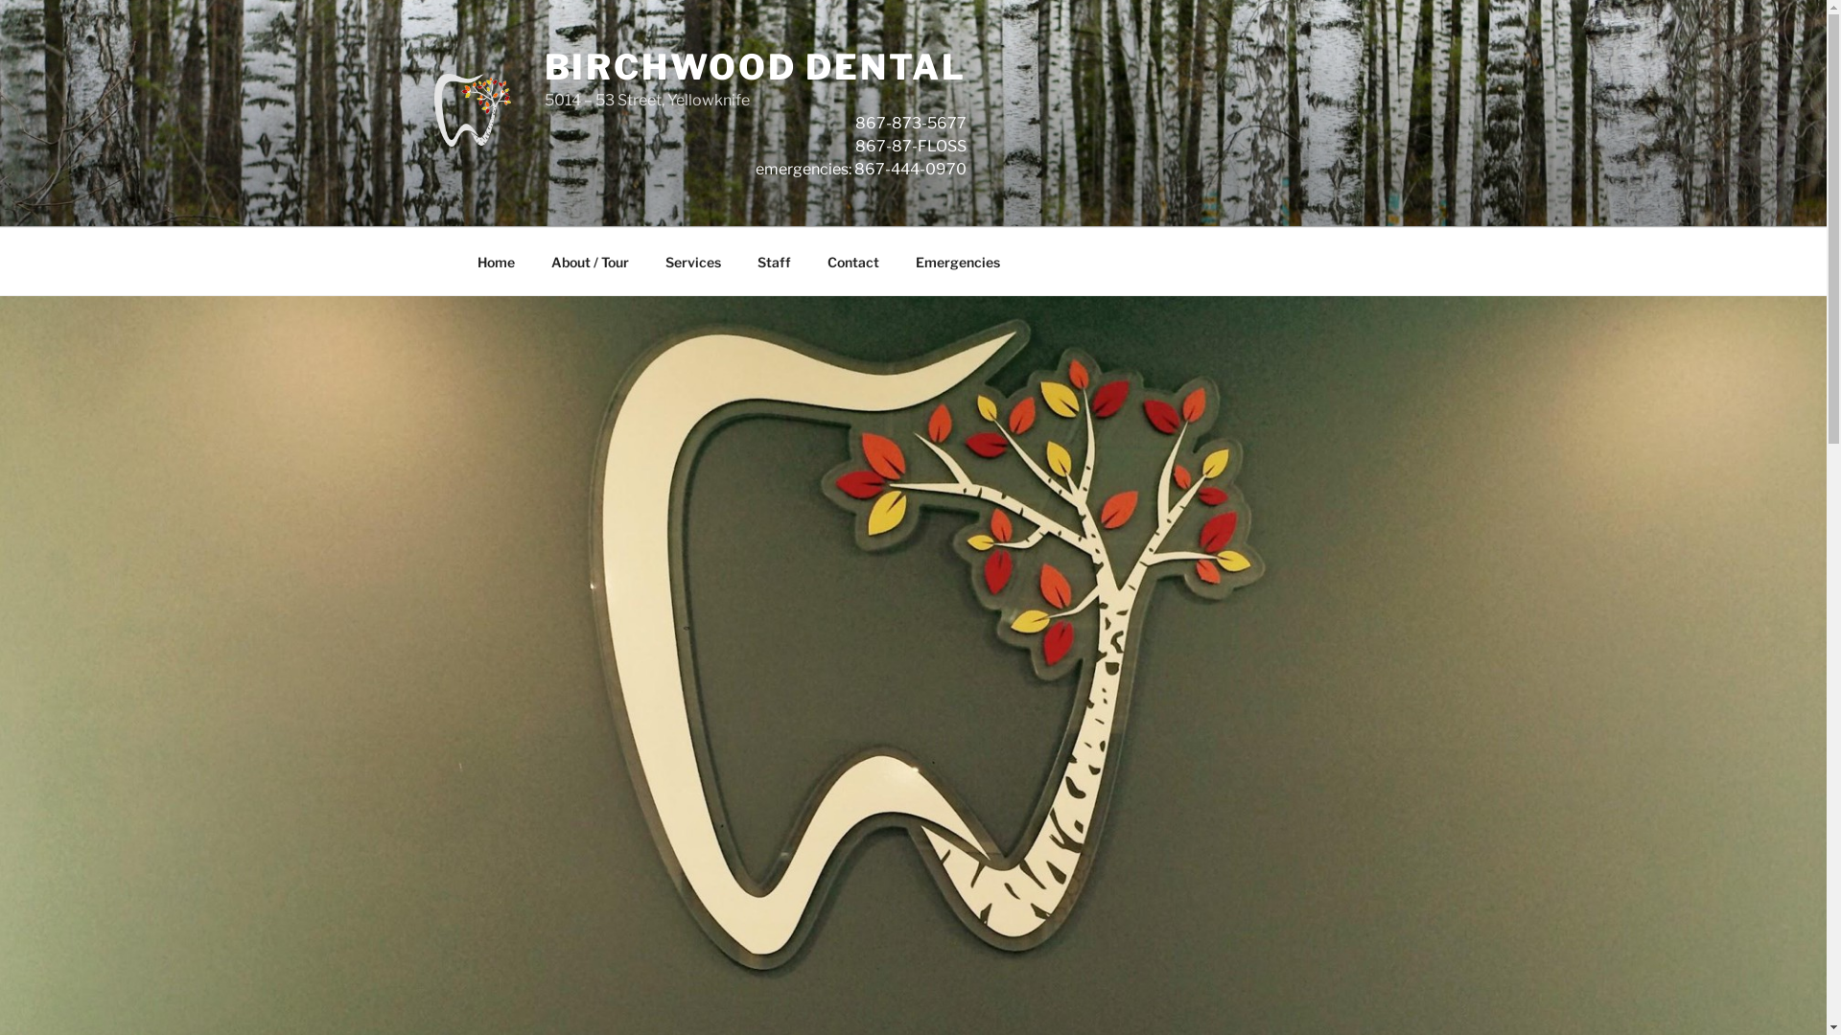 This screenshot has width=1841, height=1035. What do you see at coordinates (460, 261) in the screenshot?
I see `'Home'` at bounding box center [460, 261].